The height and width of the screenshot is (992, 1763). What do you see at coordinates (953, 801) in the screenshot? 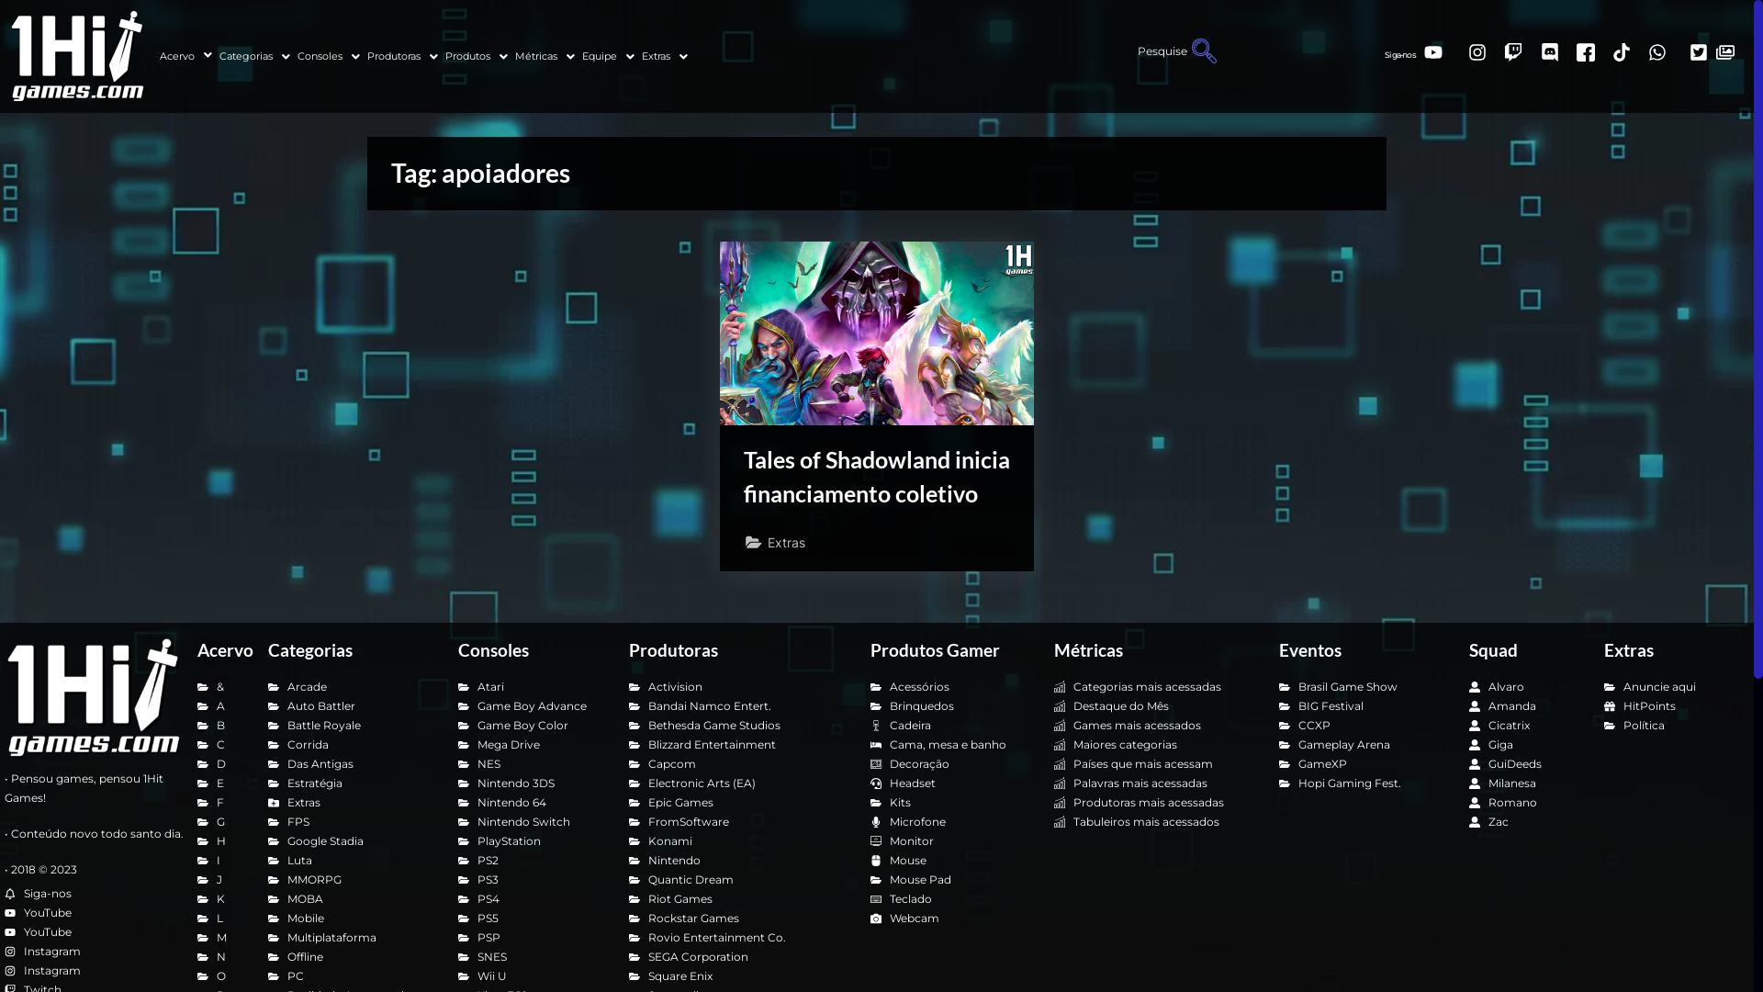
I see `'Kits'` at bounding box center [953, 801].